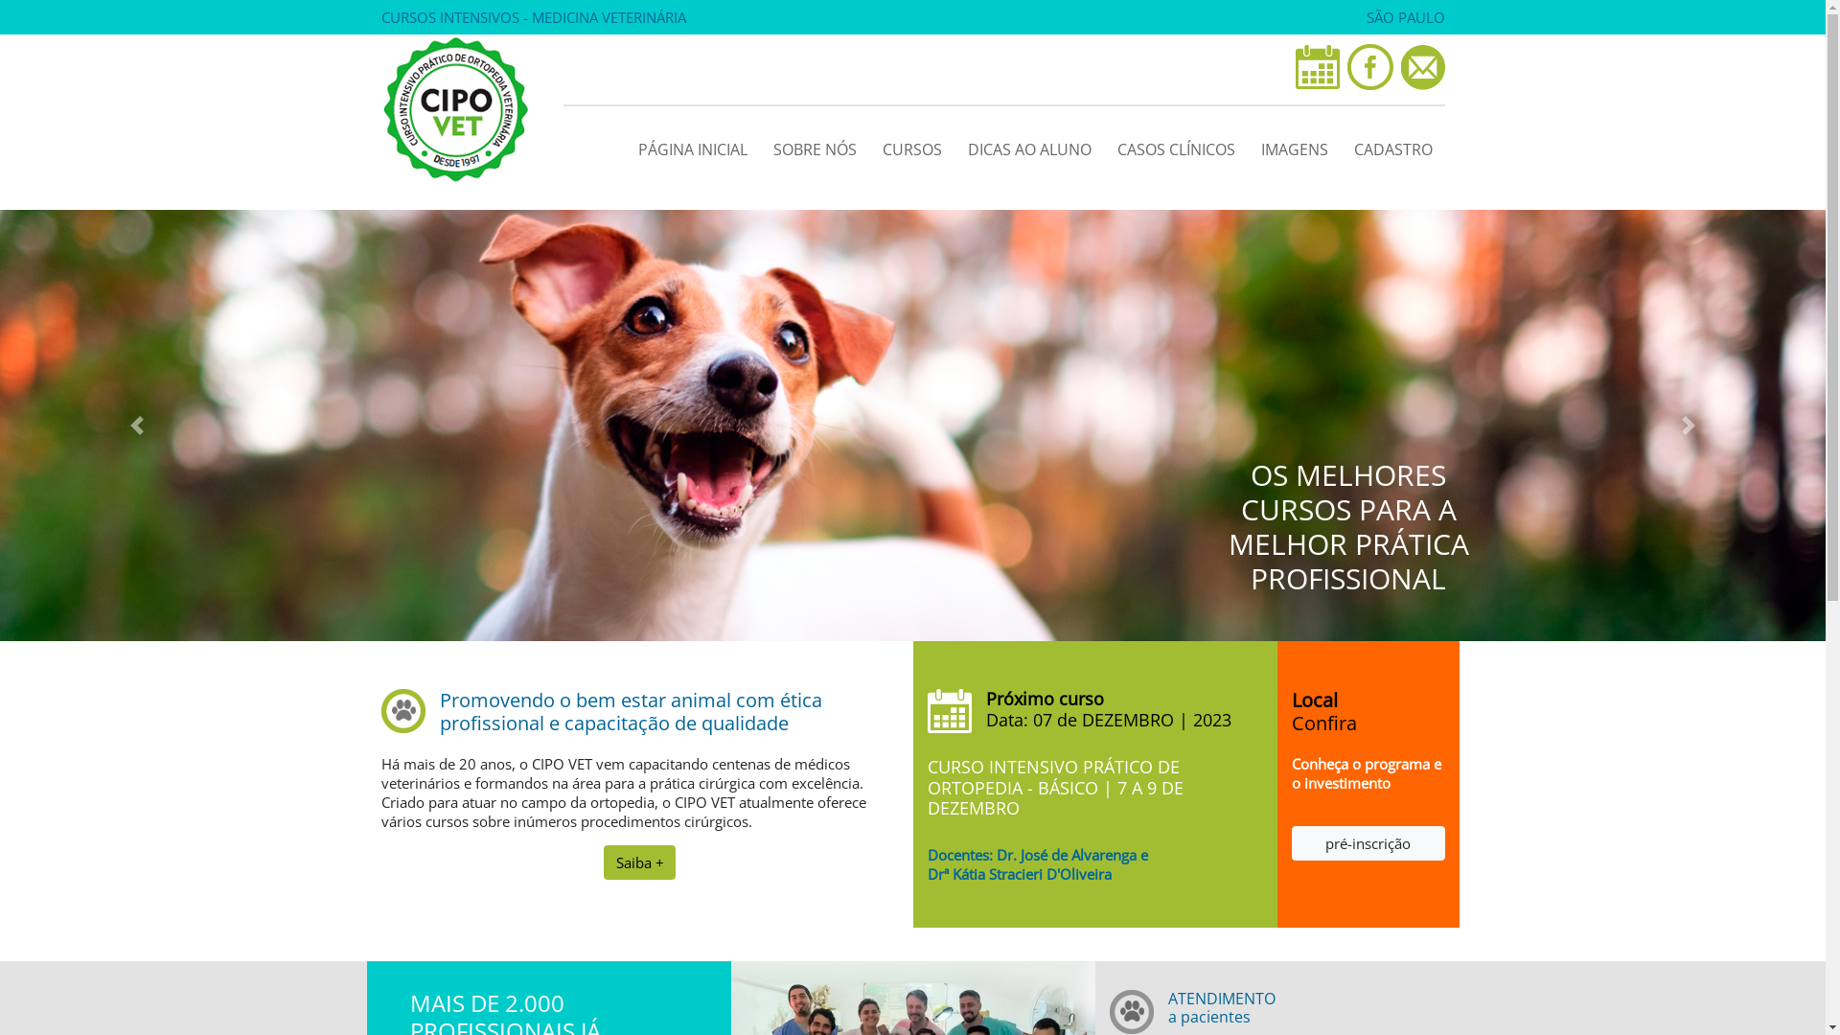  Describe the element at coordinates (1369, 65) in the screenshot. I see `'Facebook'` at that location.